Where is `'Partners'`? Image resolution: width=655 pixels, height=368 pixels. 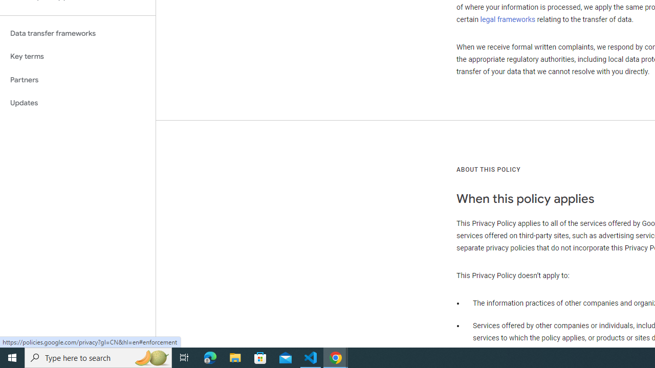
'Partners' is located at coordinates (77, 79).